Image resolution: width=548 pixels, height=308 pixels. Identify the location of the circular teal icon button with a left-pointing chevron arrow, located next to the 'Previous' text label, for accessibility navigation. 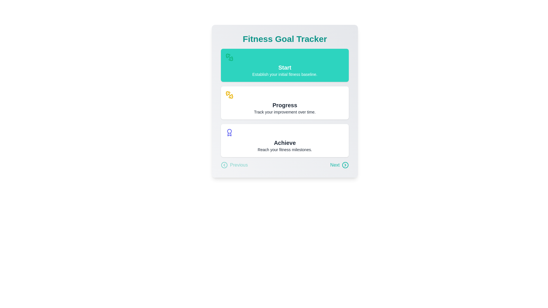
(224, 165).